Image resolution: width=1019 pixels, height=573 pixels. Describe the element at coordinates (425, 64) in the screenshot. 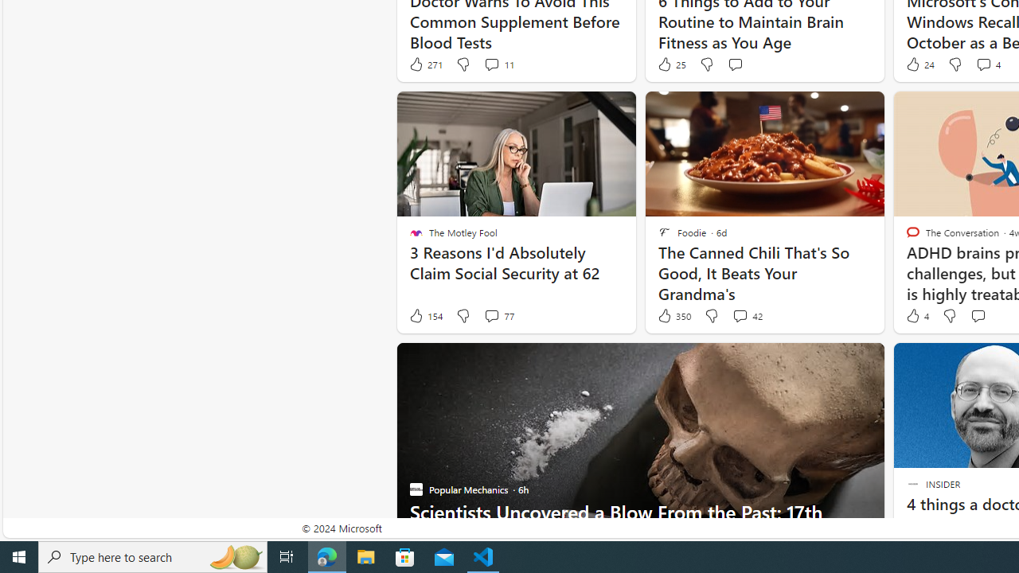

I see `'271 Like'` at that location.